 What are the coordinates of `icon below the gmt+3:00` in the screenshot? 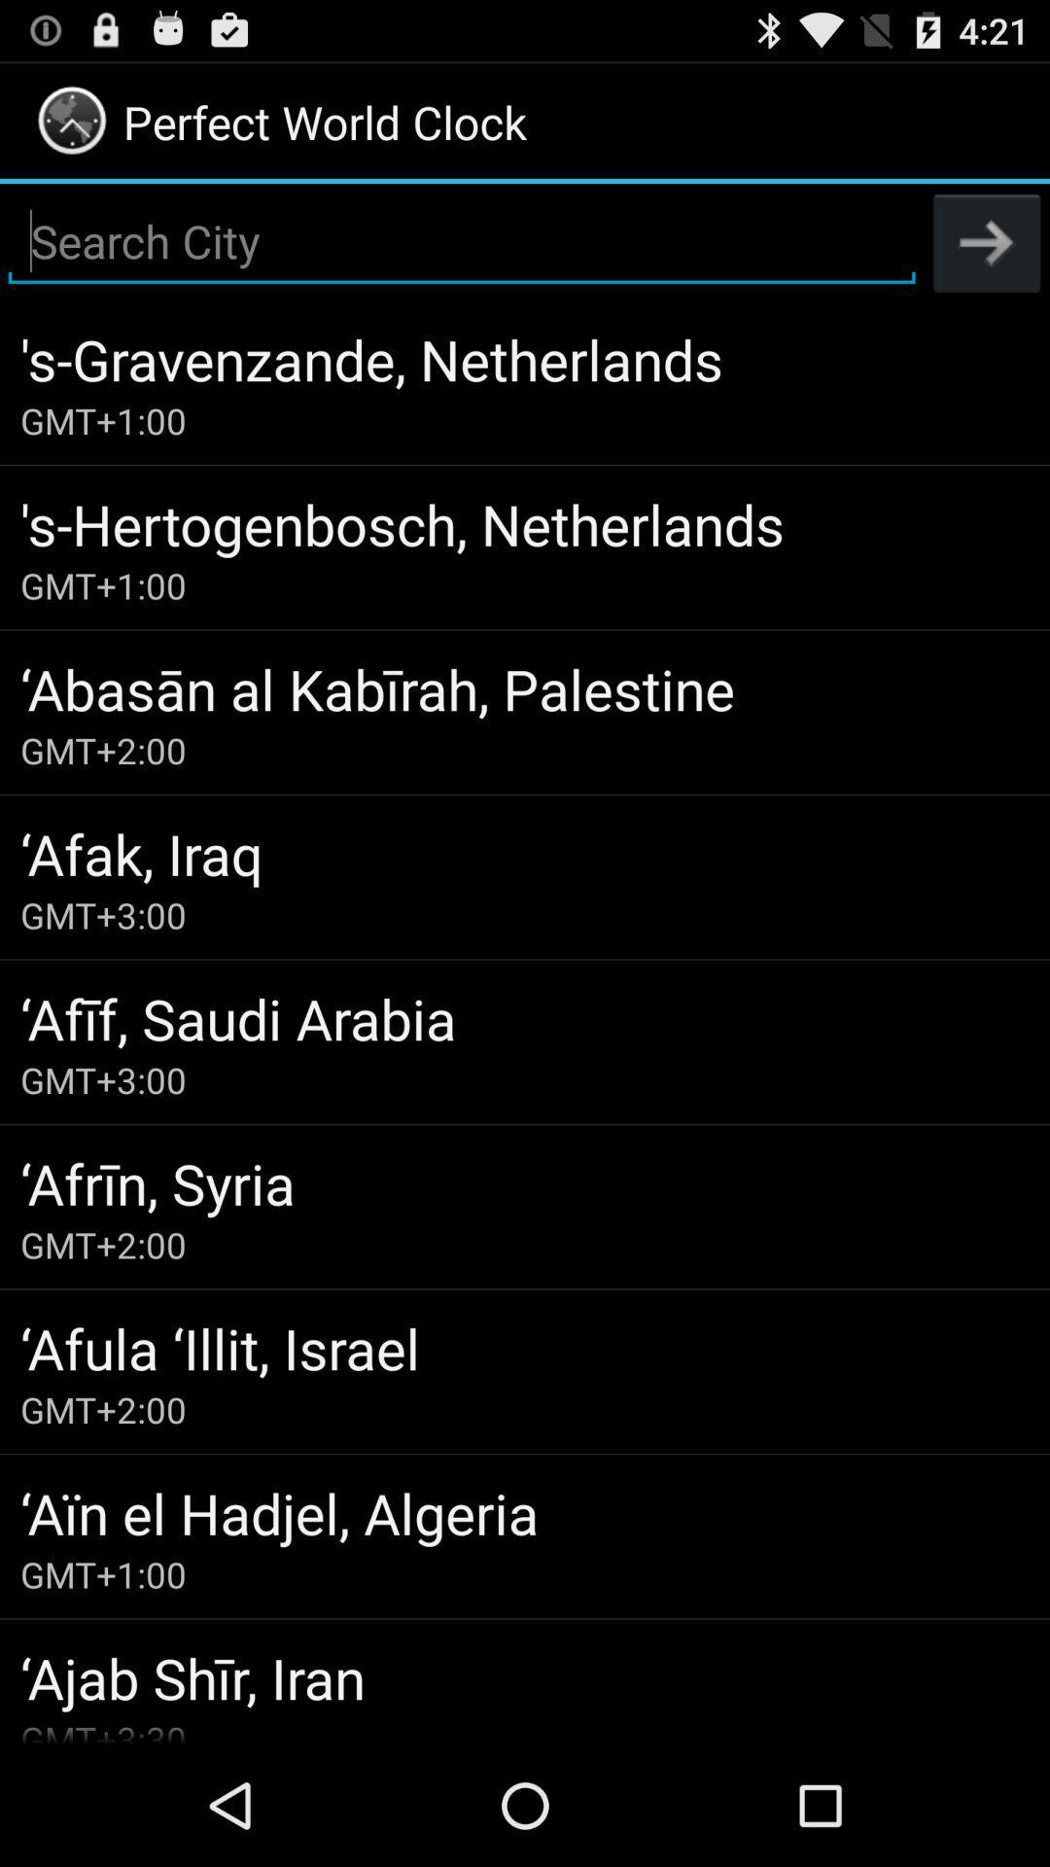 It's located at (525, 1017).